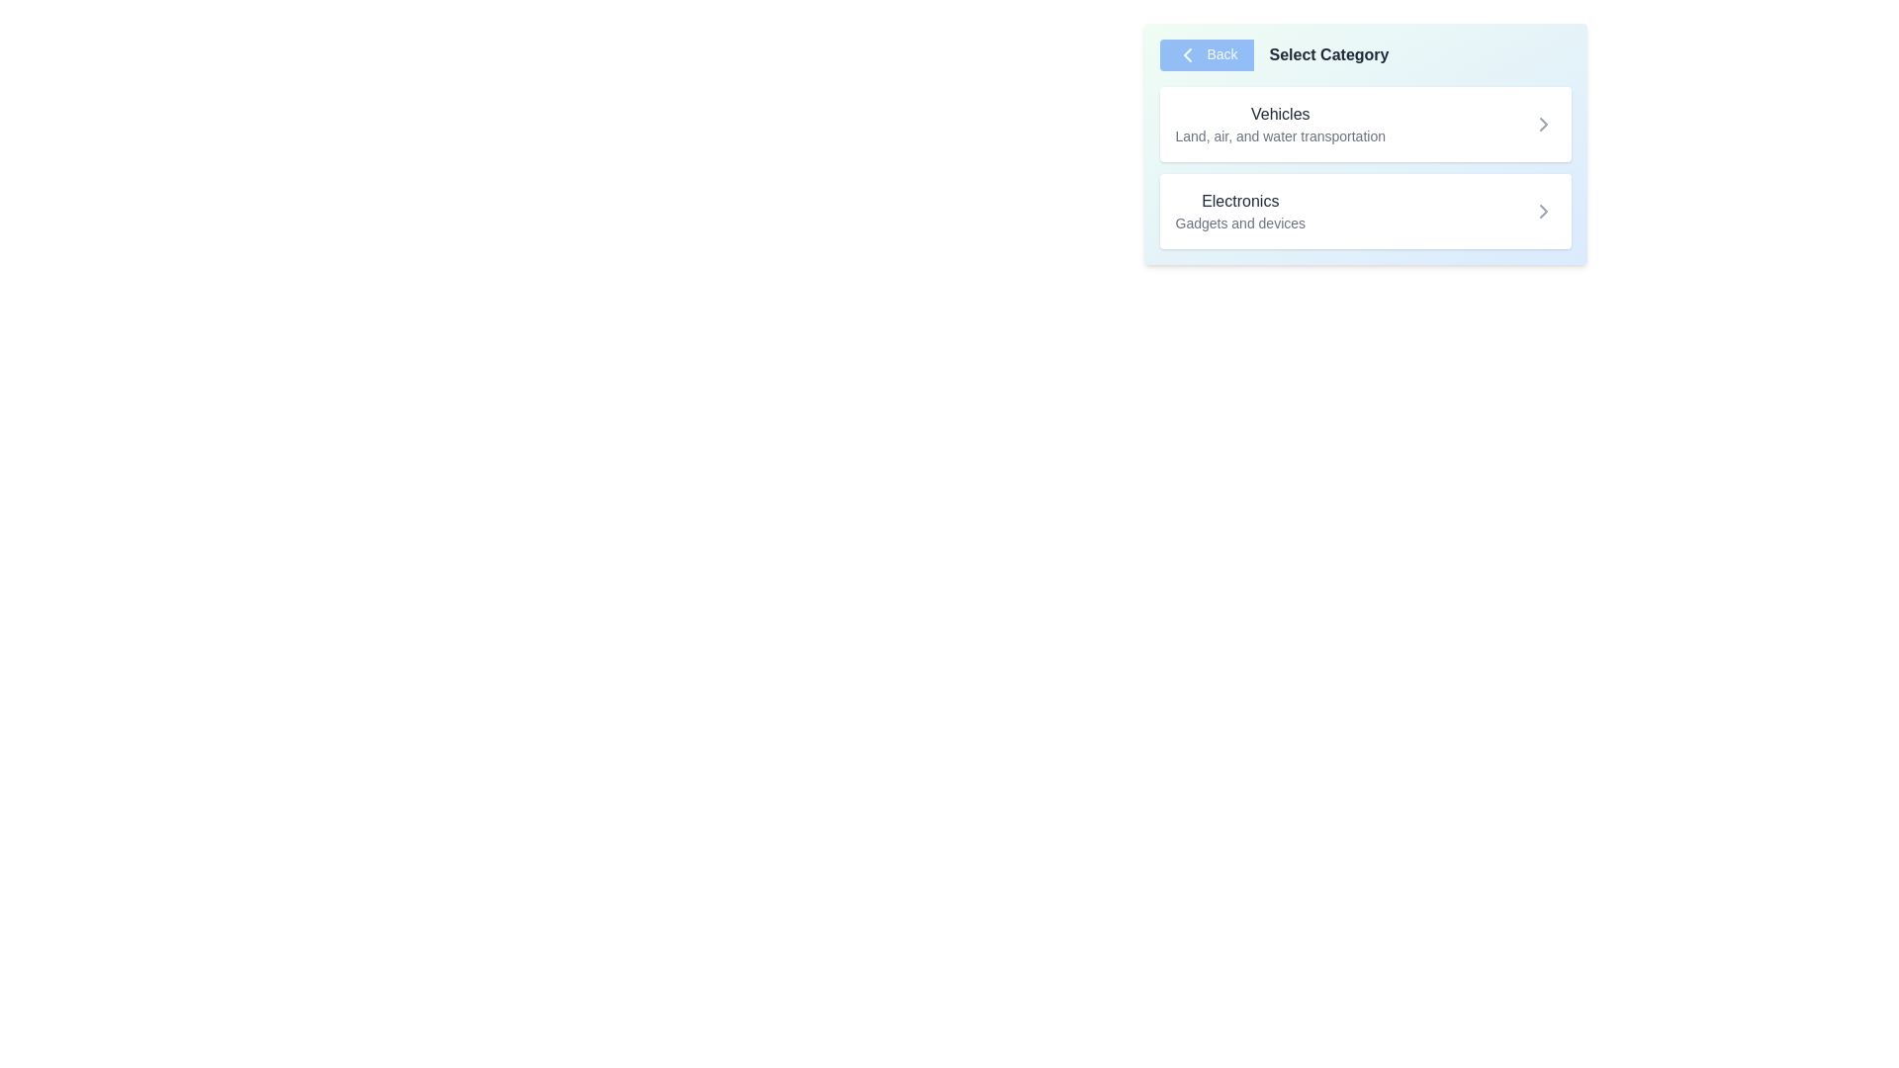 The image size is (1899, 1068). I want to click on the 'Vehicles' list item, which is a rectangular clickable element displaying the text 'Vehicles' in bold, so click(1364, 143).